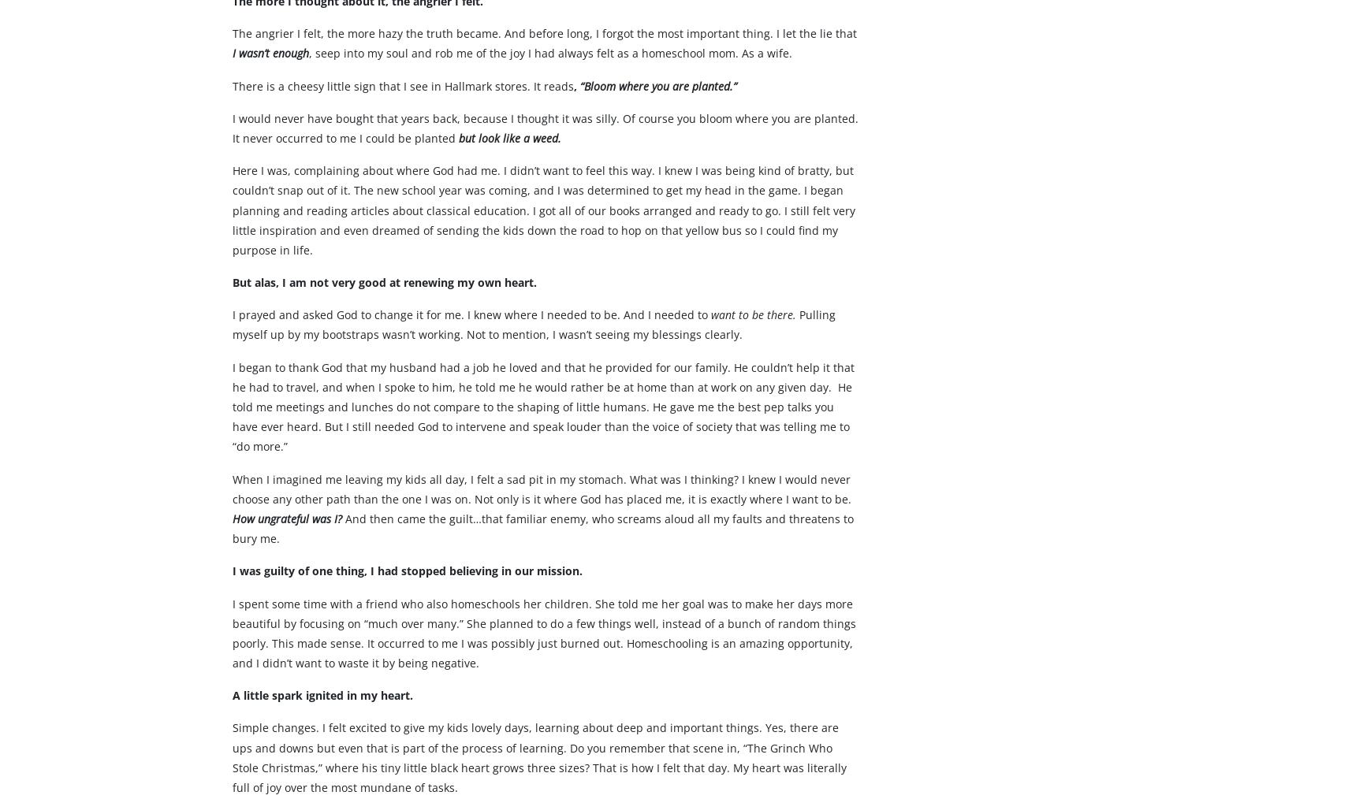 The image size is (1352, 799). What do you see at coordinates (231, 116) in the screenshot?
I see `'There is a cheesy little sign that I see in Hallmark stores. It reads'` at bounding box center [231, 116].